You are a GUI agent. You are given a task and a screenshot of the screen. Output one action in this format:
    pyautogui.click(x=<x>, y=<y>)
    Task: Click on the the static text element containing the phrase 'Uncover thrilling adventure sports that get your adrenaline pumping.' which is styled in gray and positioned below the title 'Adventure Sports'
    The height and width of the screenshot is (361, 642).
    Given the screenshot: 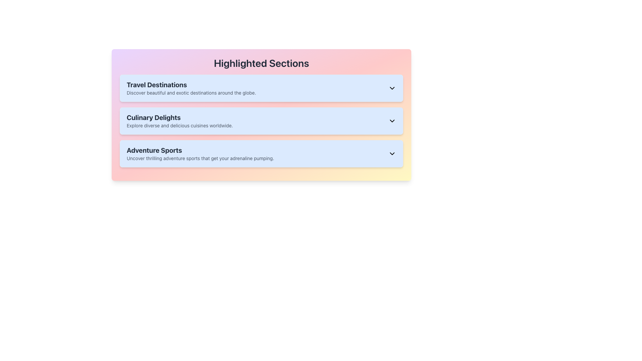 What is the action you would take?
    pyautogui.click(x=200, y=158)
    